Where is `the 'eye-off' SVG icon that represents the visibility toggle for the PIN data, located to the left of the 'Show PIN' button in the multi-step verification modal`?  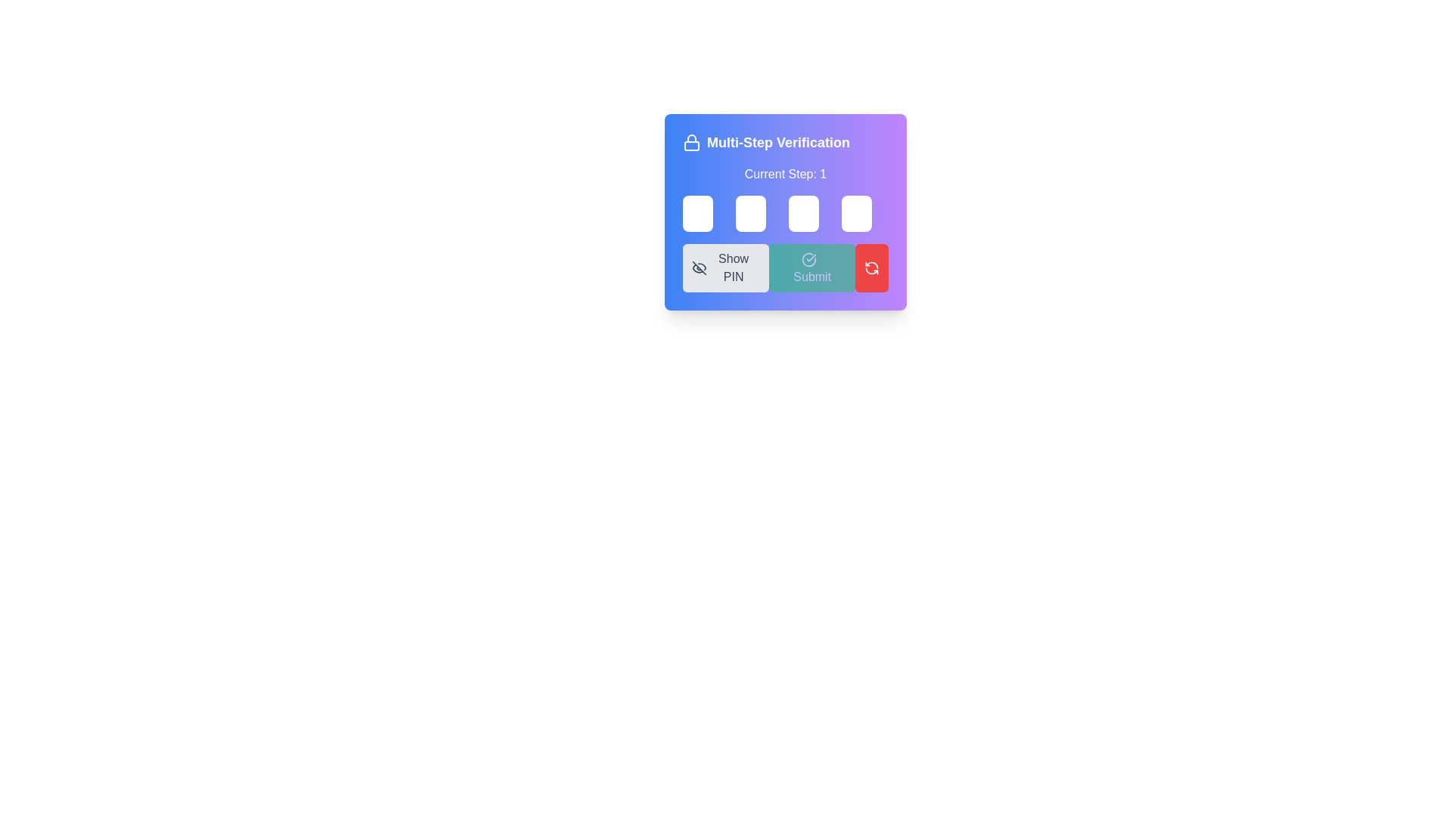 the 'eye-off' SVG icon that represents the visibility toggle for the PIN data, located to the left of the 'Show PIN' button in the multi-step verification modal is located at coordinates (698, 267).